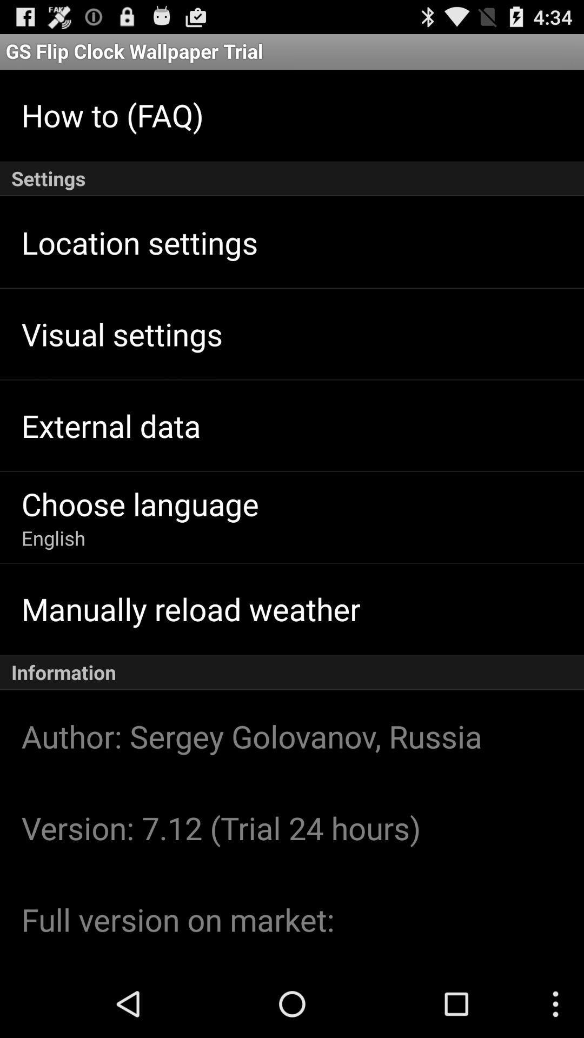 This screenshot has height=1038, width=584. Describe the element at coordinates (112, 115) in the screenshot. I see `the item below gs flip clock item` at that location.